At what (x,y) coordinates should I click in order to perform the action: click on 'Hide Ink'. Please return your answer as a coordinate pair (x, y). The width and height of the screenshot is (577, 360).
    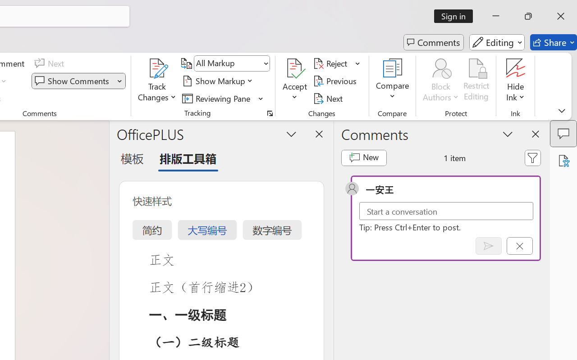
    Looking at the image, I should click on (516, 81).